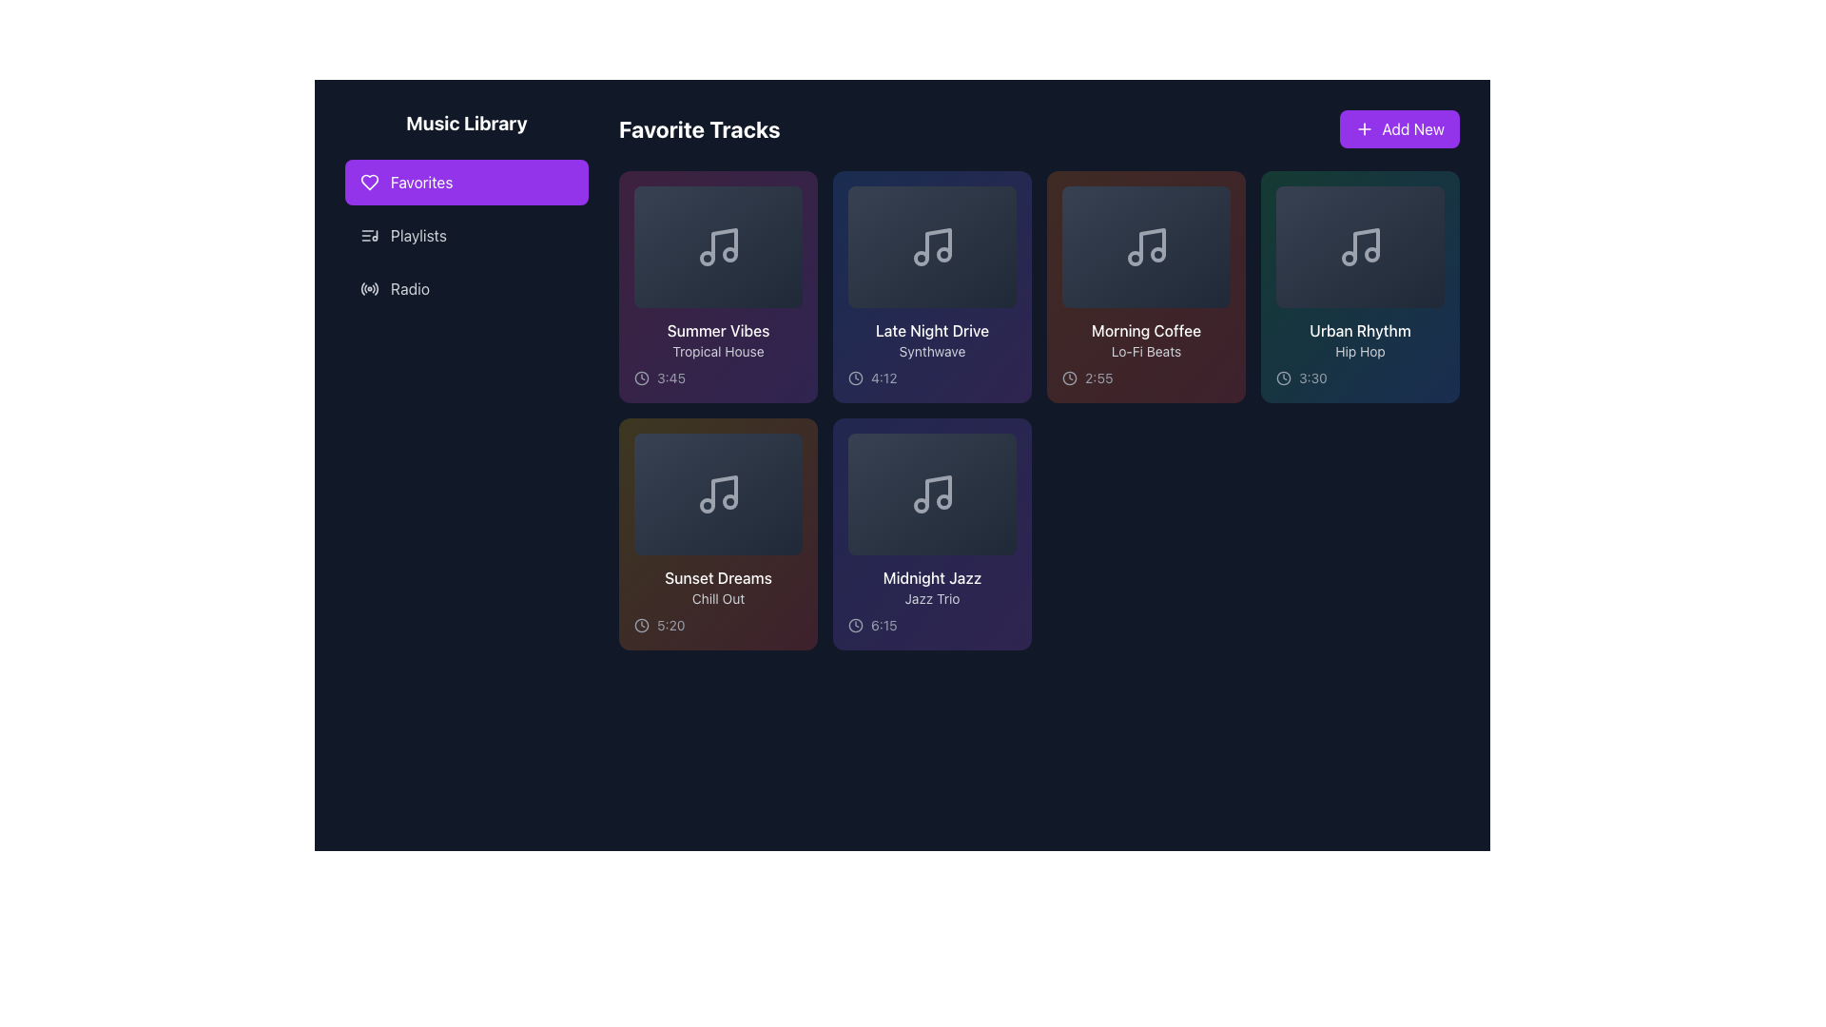 The image size is (1826, 1027). Describe the element at coordinates (420, 183) in the screenshot. I see `the 'Favorites' text label element in the left sidebar menu that features a white font on a purple background, indicating its active state` at that location.